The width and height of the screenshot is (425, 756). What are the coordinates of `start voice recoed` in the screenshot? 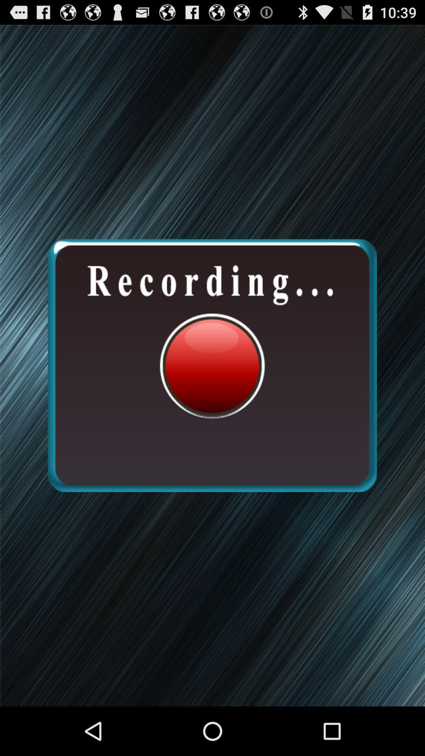 It's located at (212, 365).